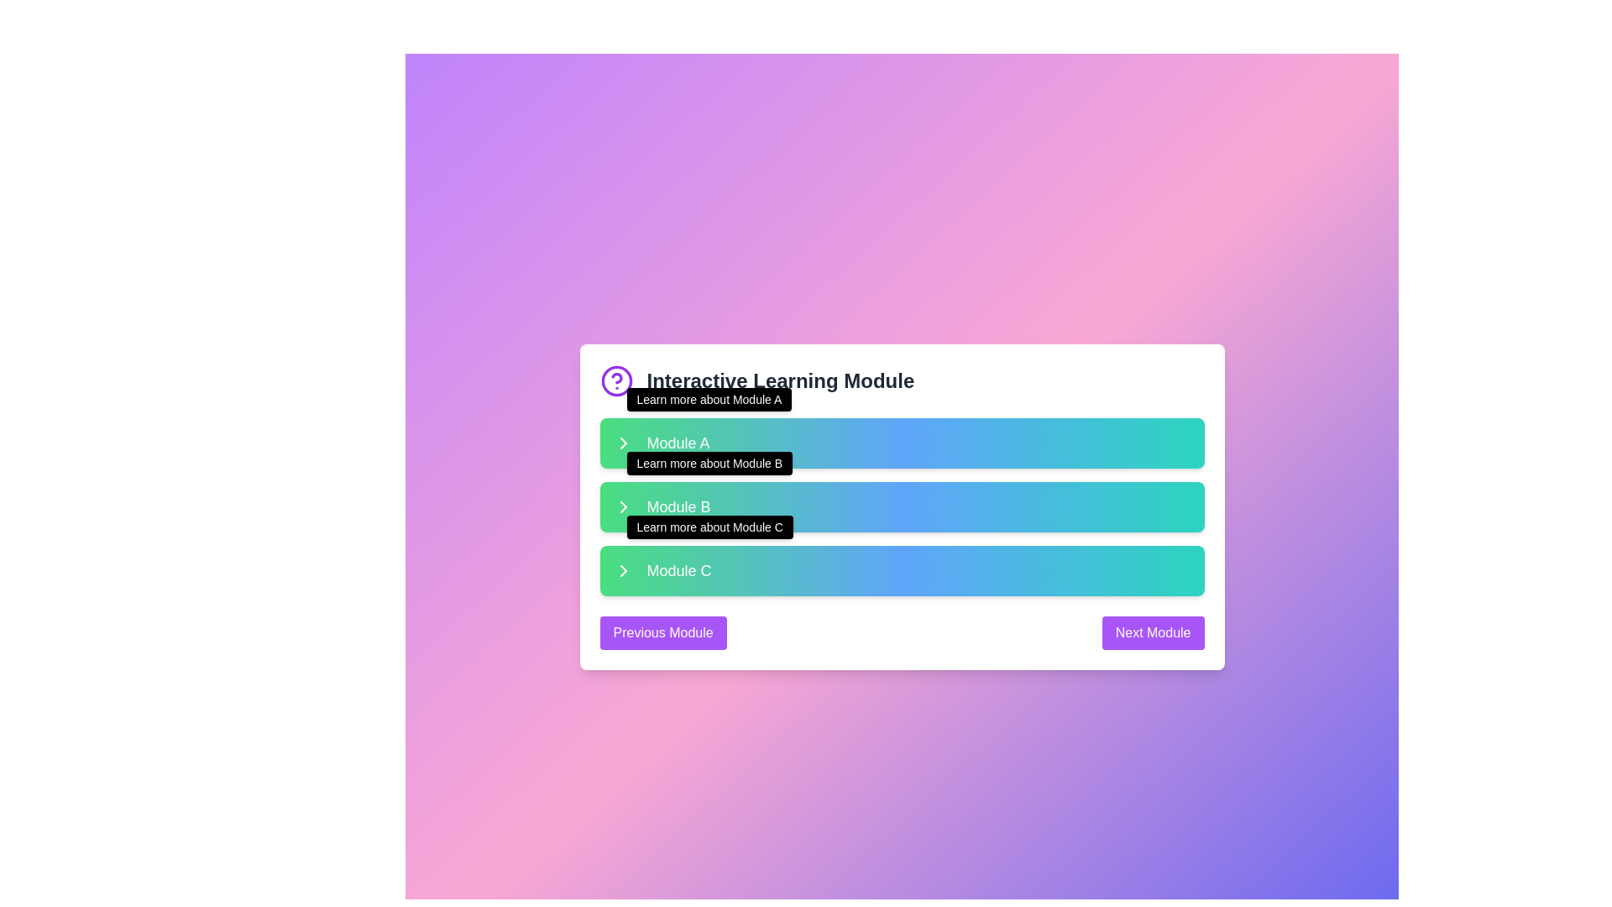  What do you see at coordinates (679, 569) in the screenshot?
I see `text label that displays 'Module C', which is styled in large, bold white font and is located centrally within the bottom-most gradient-colored button of a vertical stack` at bounding box center [679, 569].